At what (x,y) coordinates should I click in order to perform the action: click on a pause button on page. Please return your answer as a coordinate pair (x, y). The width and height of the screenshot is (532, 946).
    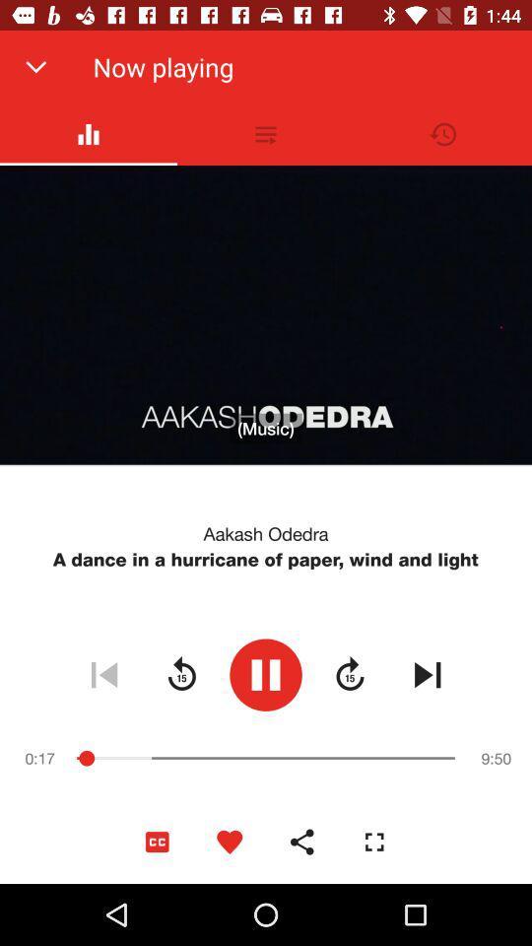
    Looking at the image, I should click on (266, 674).